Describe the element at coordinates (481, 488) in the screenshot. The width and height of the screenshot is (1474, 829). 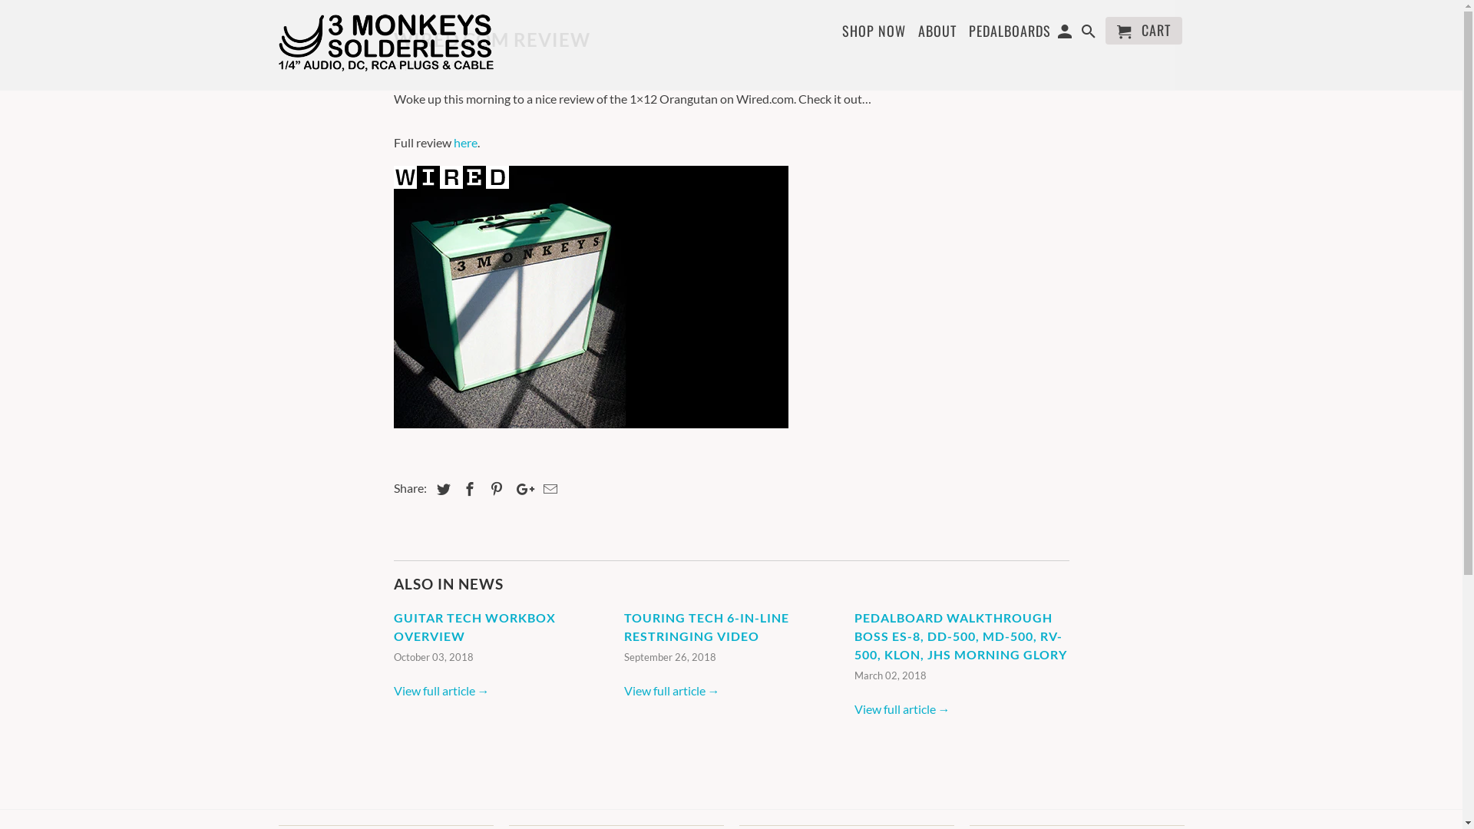
I see `'Share this on Pinterest'` at that location.